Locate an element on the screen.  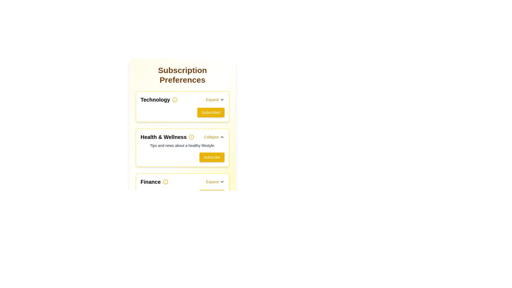
the 'Expand' dropdown trigger button located in the top right corner of the 'Technology' subscription section is located at coordinates (215, 100).